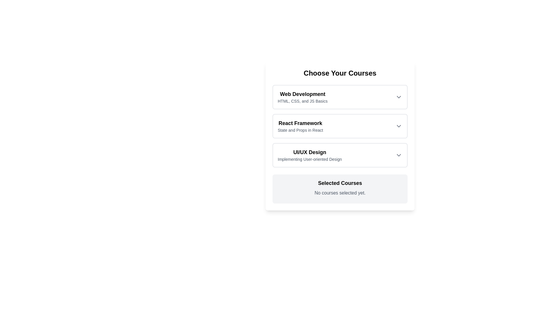  I want to click on the labeled option for the 'Web Development' course located near the top of the course selection interface, so click(303, 97).